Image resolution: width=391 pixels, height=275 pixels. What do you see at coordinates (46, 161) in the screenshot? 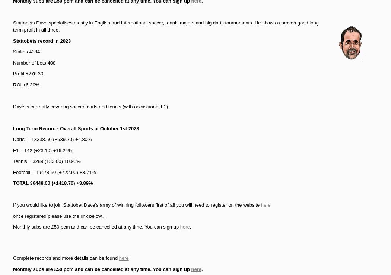
I see `'Tennis = 3289 (+33.00) +0.95%'` at bounding box center [46, 161].